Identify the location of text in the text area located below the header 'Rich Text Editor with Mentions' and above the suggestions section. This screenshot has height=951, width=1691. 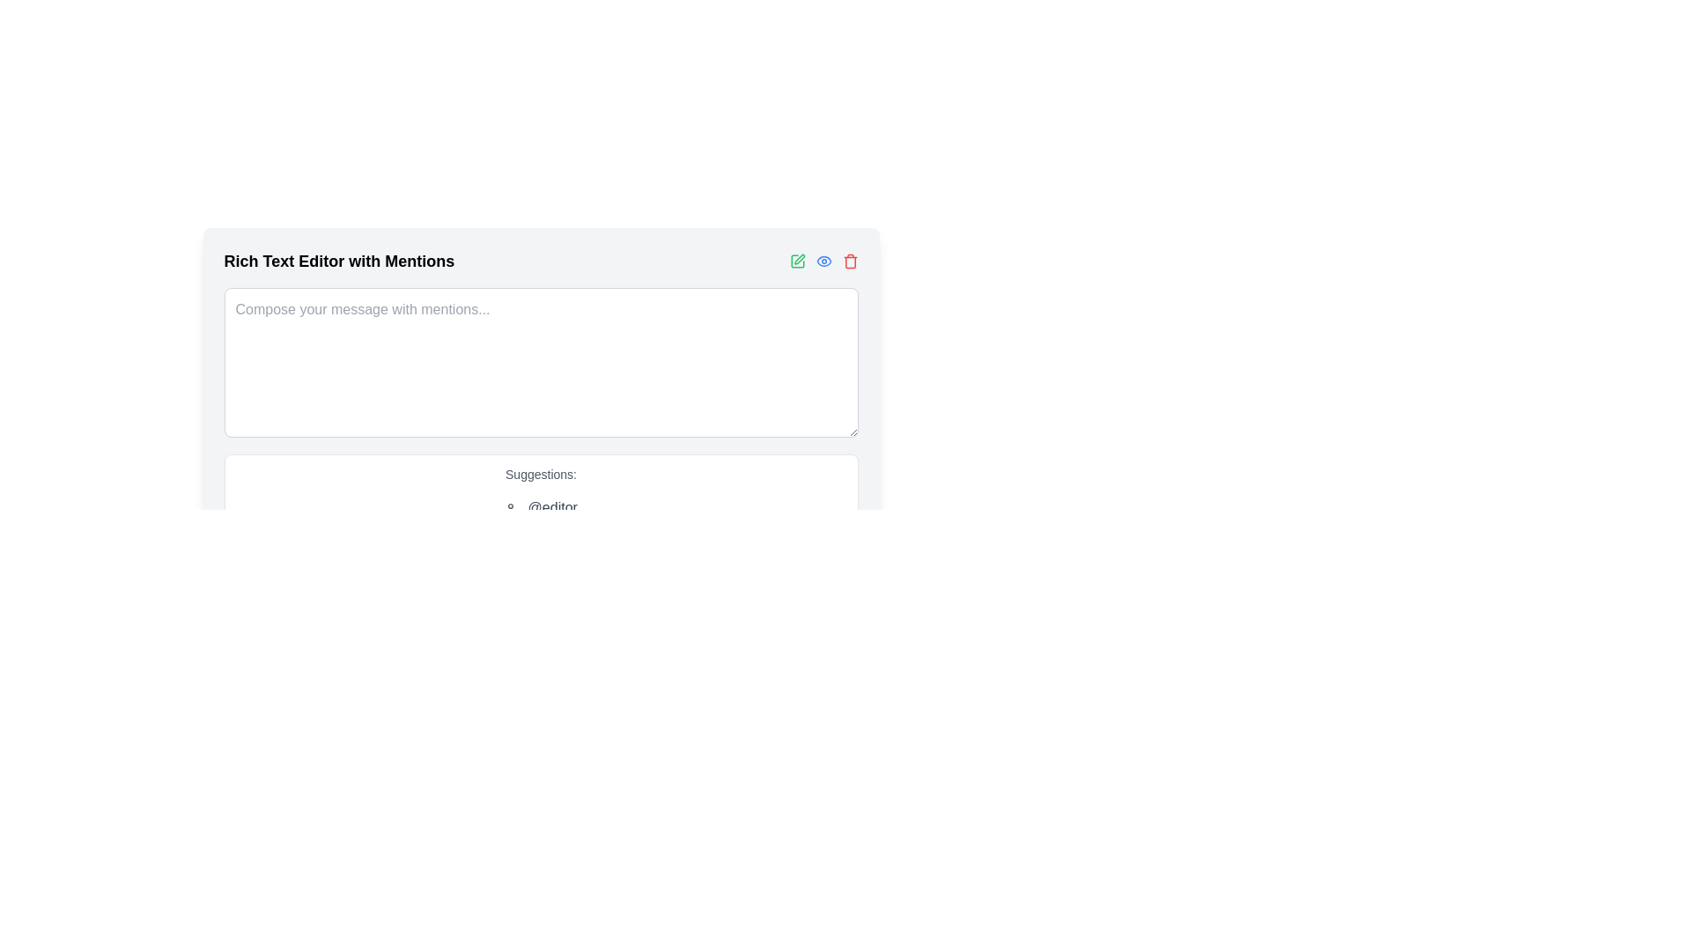
(540, 362).